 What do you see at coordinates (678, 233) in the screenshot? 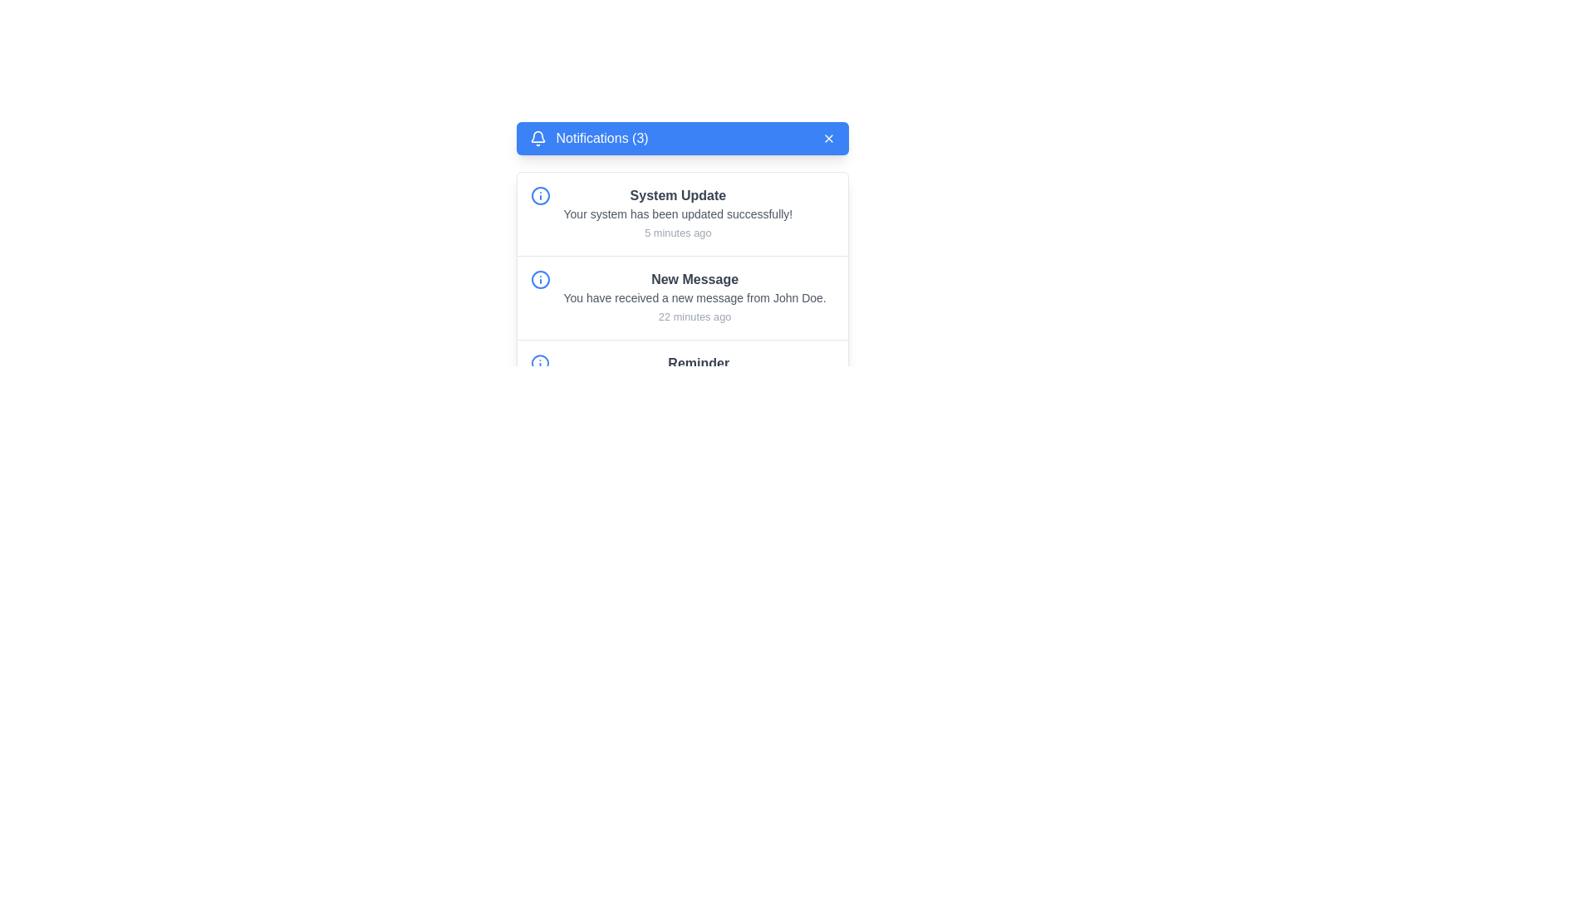
I see `the static text label that indicates the time elapsed since the associated system update notification occurred, located directly beneath the successful system update message` at bounding box center [678, 233].